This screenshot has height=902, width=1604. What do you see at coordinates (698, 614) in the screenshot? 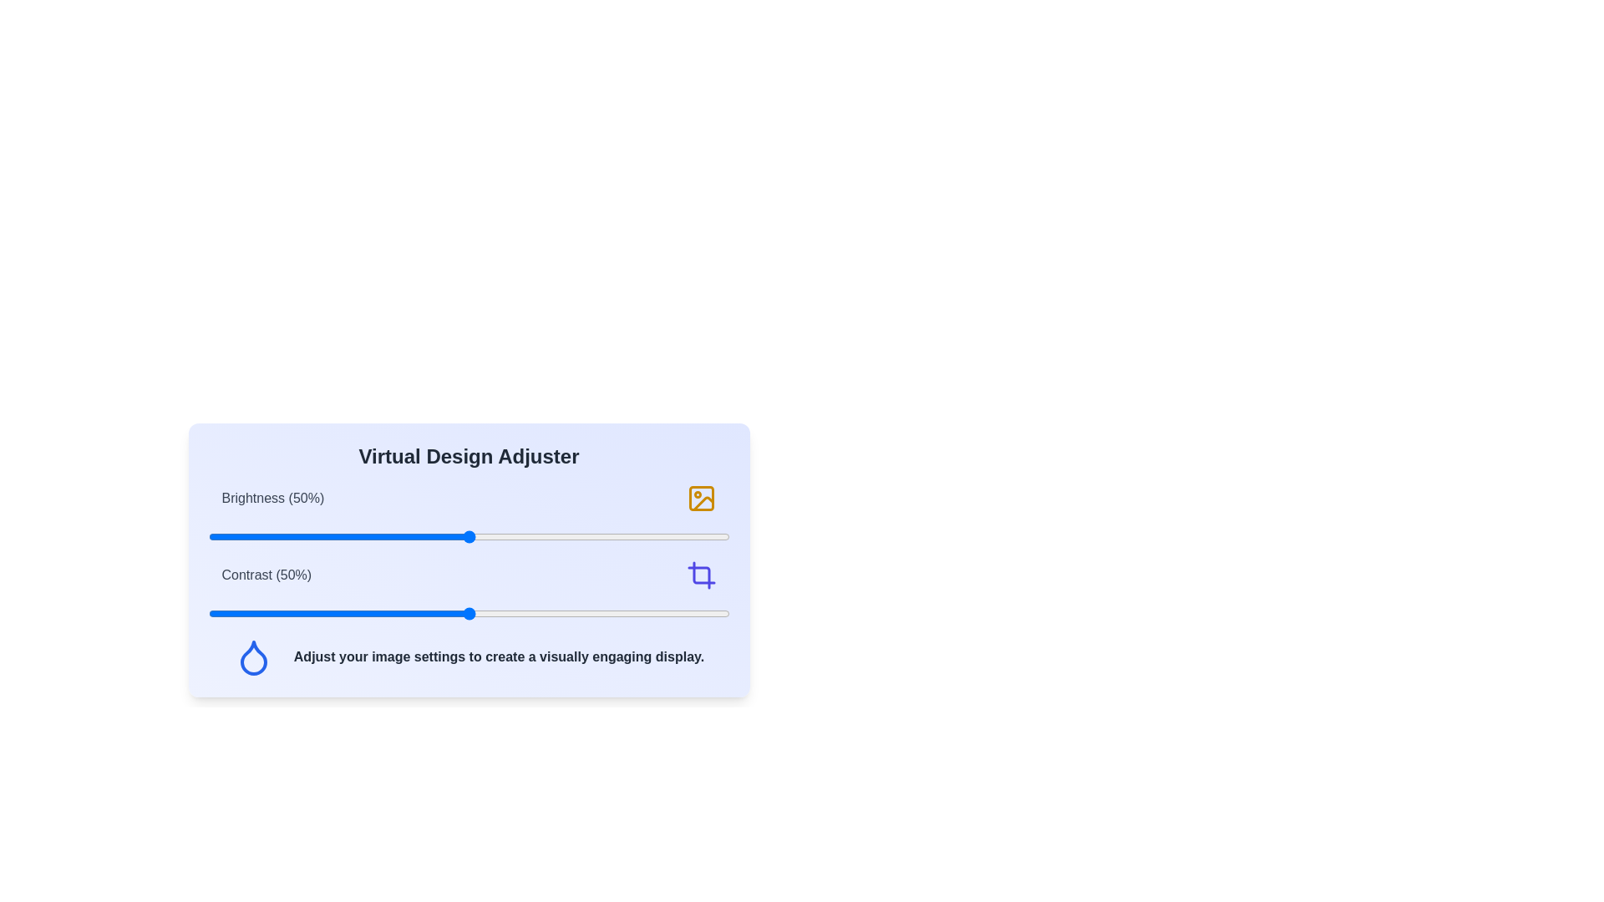
I see `the contrast slider to set the contrast level to 94` at bounding box center [698, 614].